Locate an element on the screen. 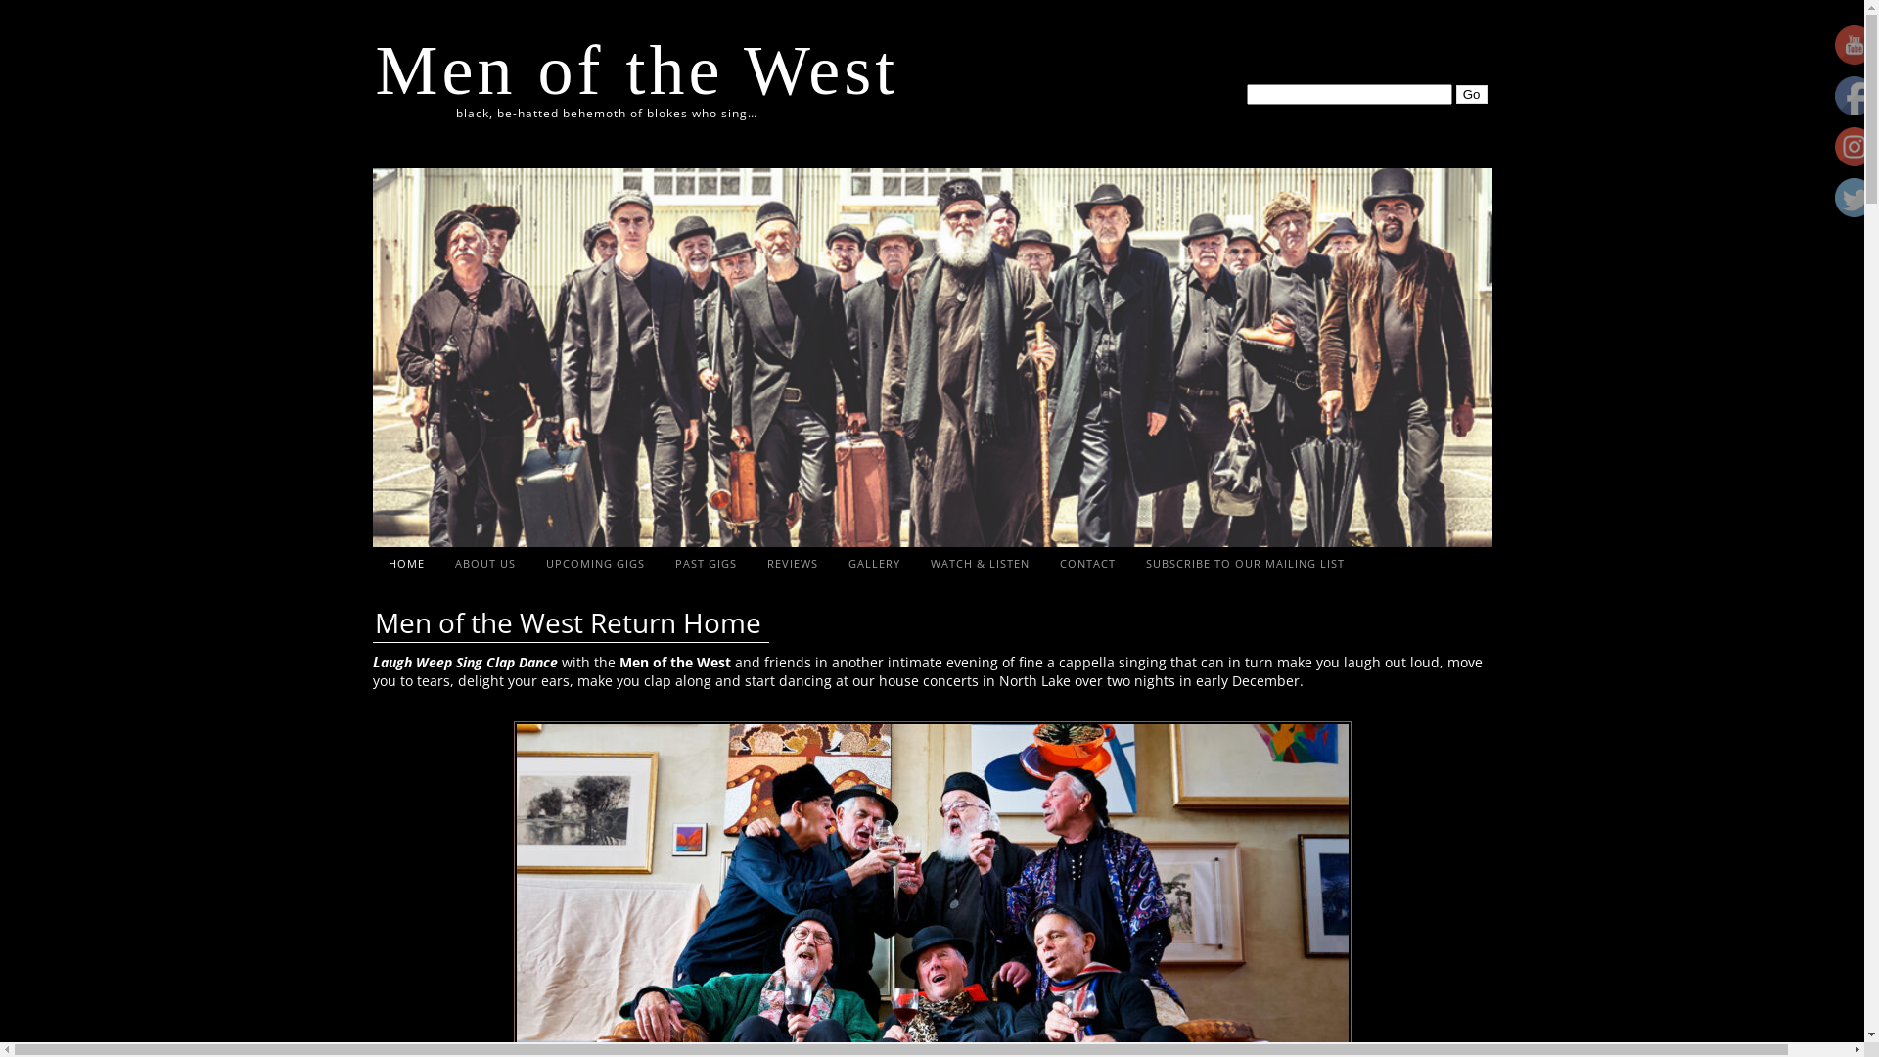 This screenshot has width=1879, height=1057. 'ABOUT US' is located at coordinates (485, 562).